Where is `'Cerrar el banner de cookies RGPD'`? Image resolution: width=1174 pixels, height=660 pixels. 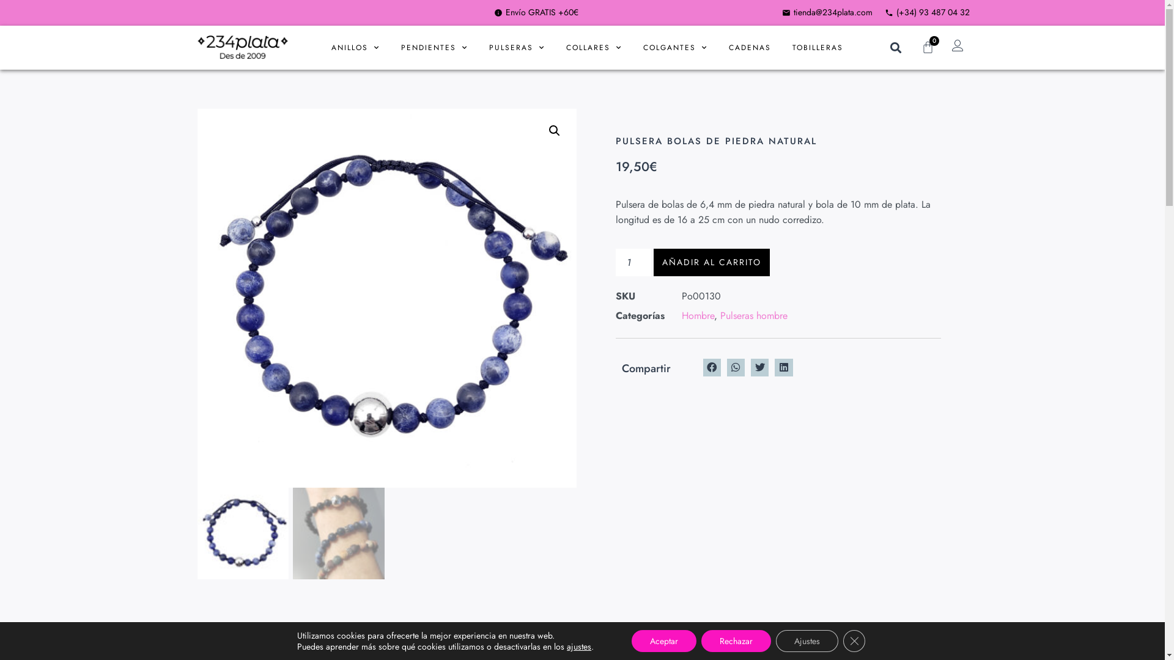 'Cerrar el banner de cookies RGPD' is located at coordinates (853, 640).